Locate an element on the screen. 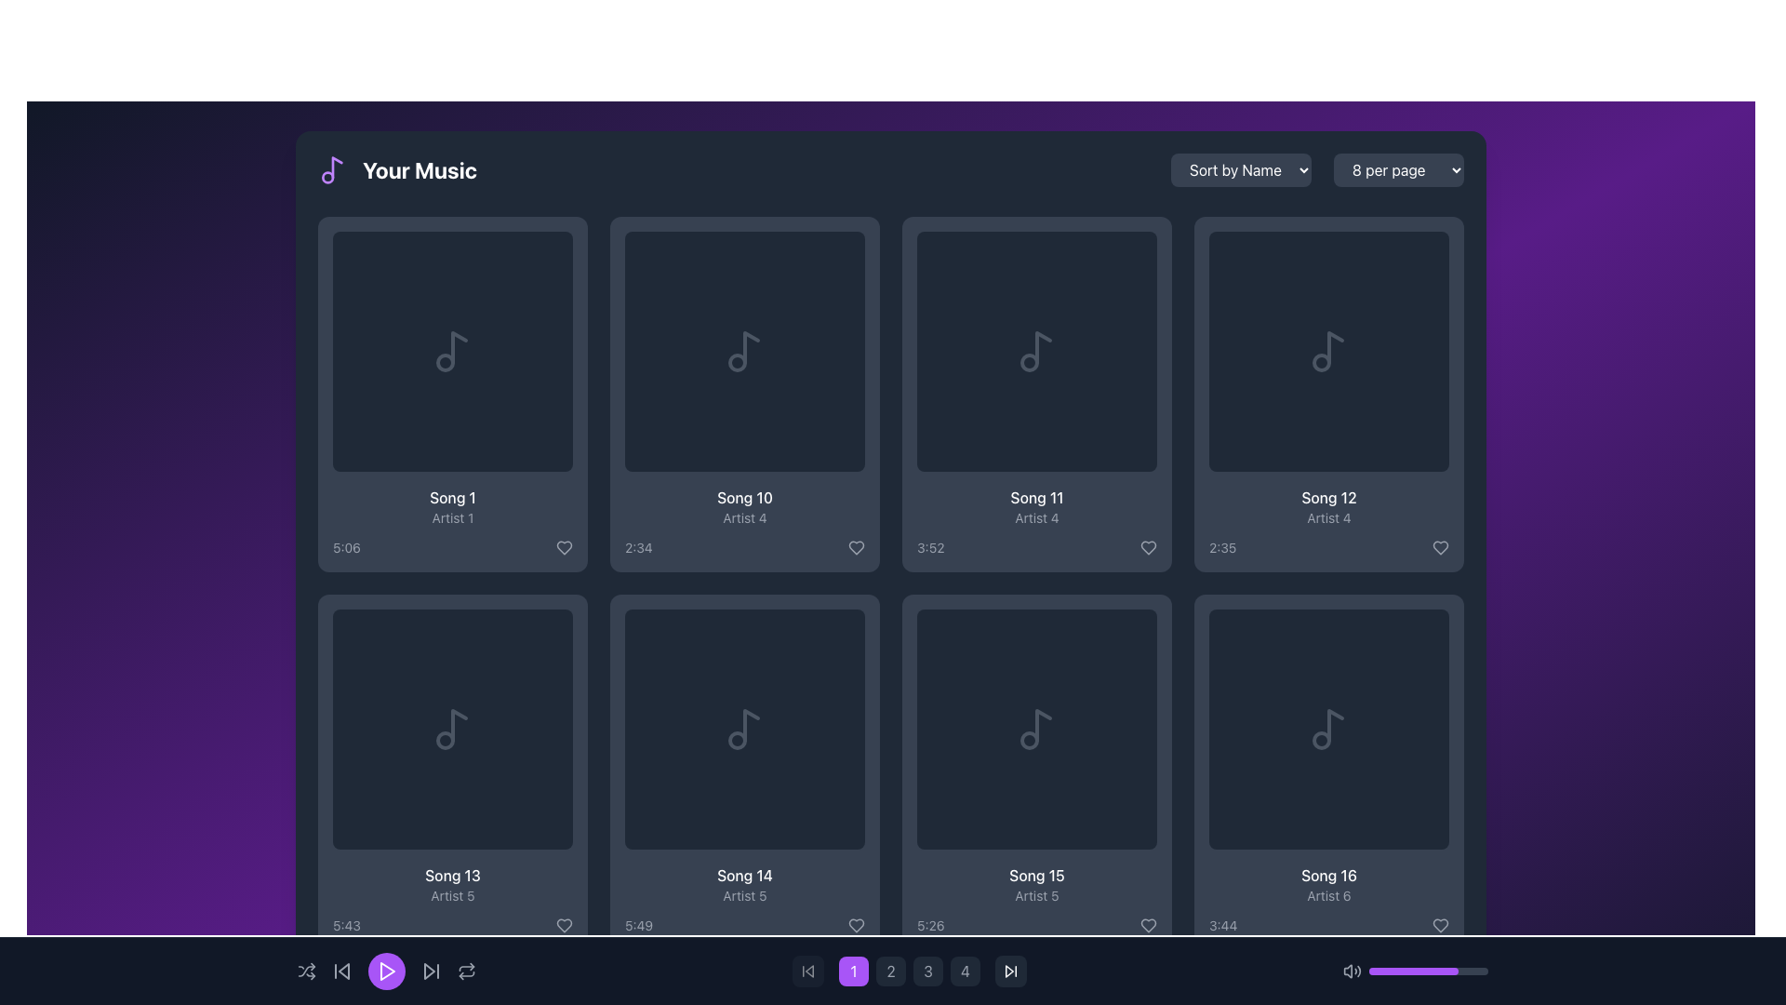 Image resolution: width=1786 pixels, height=1005 pixels. text label displaying '5:49' to understand the duration of the track associated with 'Song 14' by 'Artist 5' is located at coordinates (745, 926).